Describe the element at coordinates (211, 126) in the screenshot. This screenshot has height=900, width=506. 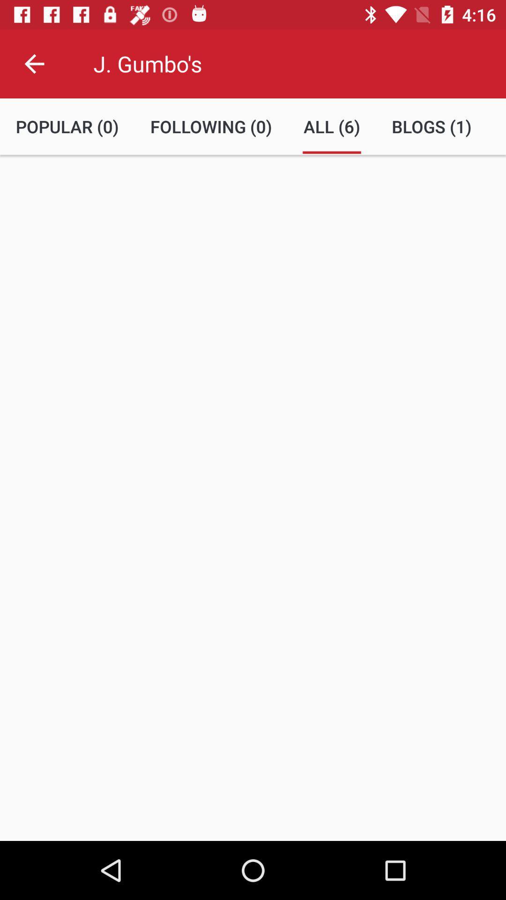
I see `the following (0) item` at that location.